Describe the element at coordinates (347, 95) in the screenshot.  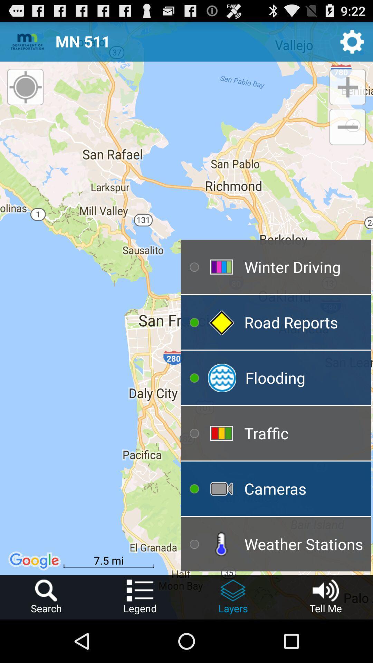
I see `the add icon` at that location.